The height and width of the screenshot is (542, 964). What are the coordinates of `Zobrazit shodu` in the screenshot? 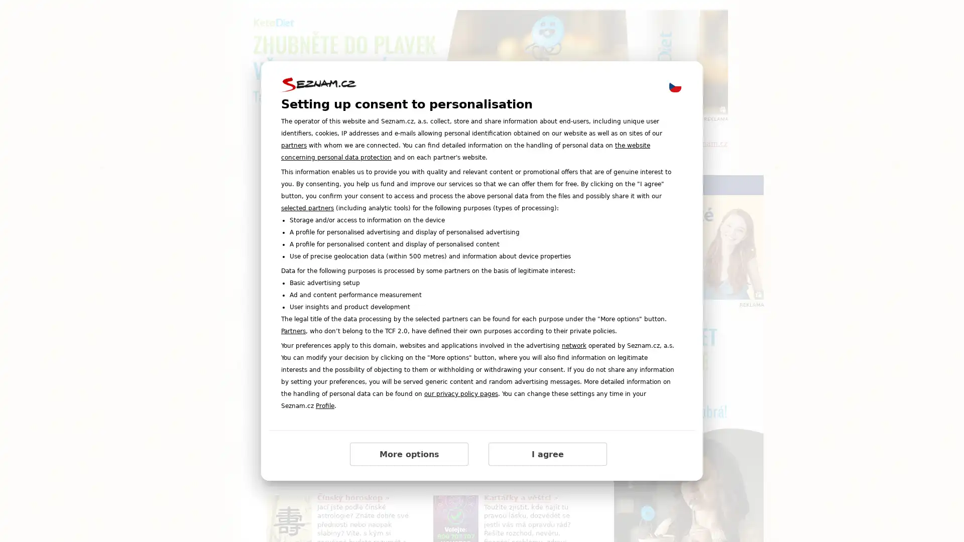 It's located at (297, 380).